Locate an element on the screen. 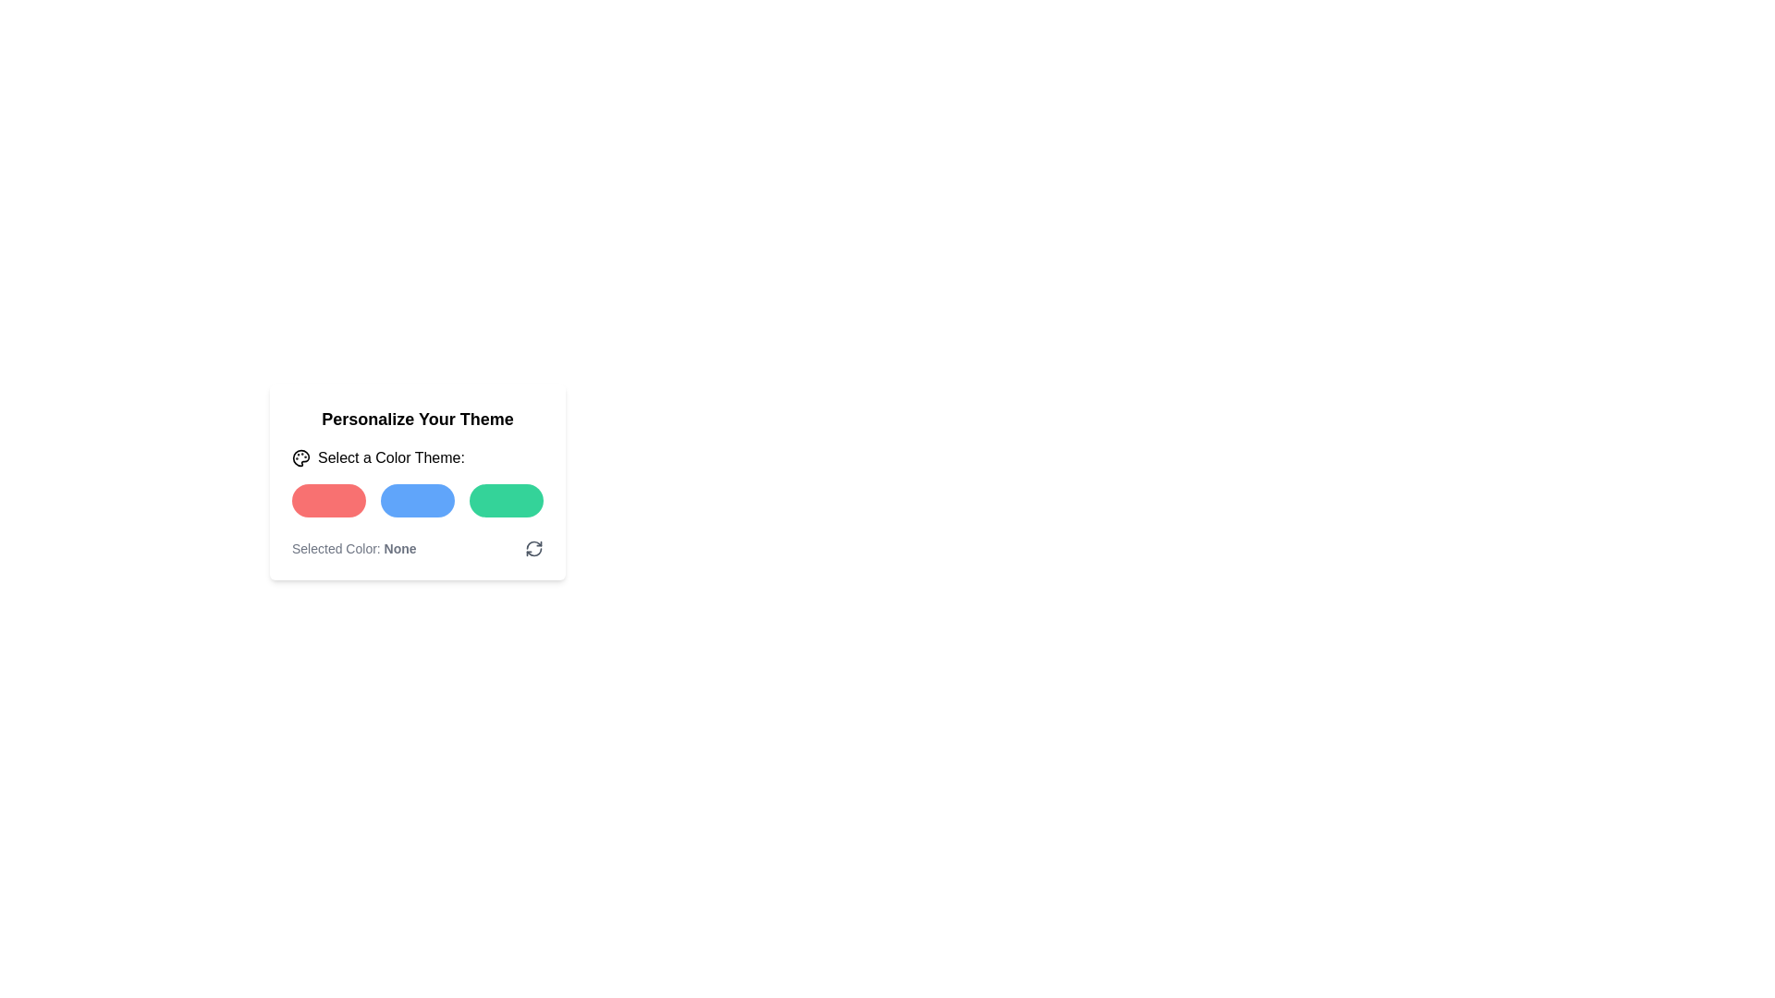 This screenshot has width=1775, height=998. the palette icon located in the top-left corner of the card with the text 'Personalize Your Theme'. The icon is characterized by its circular shape and four smaller circles representing paint wells is located at coordinates (301, 457).